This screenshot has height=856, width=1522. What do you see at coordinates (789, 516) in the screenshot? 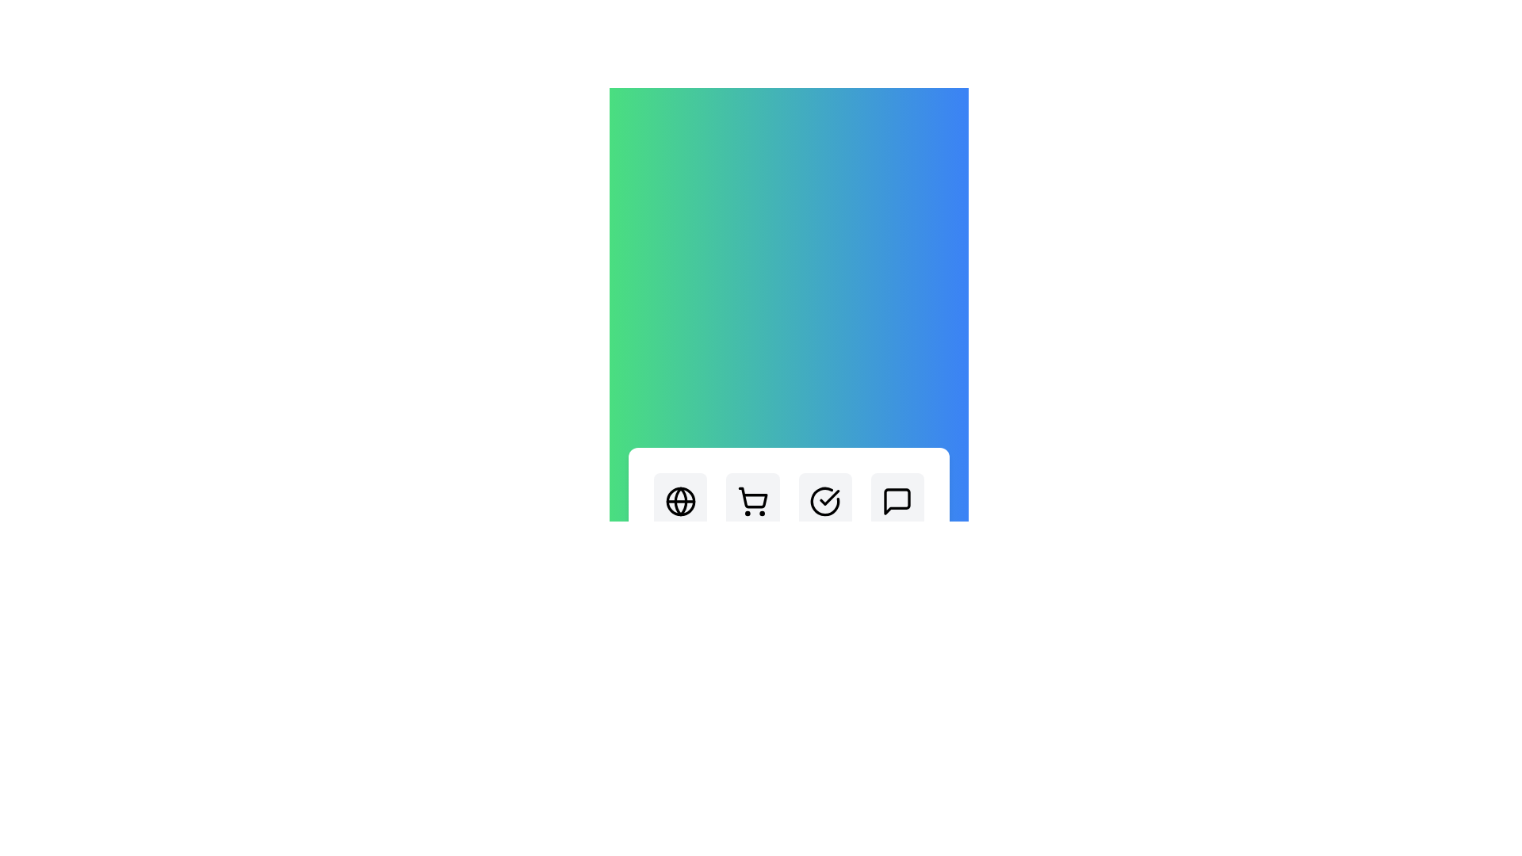
I see `the Grid of buttons at the center point, which provides quick access` at bounding box center [789, 516].